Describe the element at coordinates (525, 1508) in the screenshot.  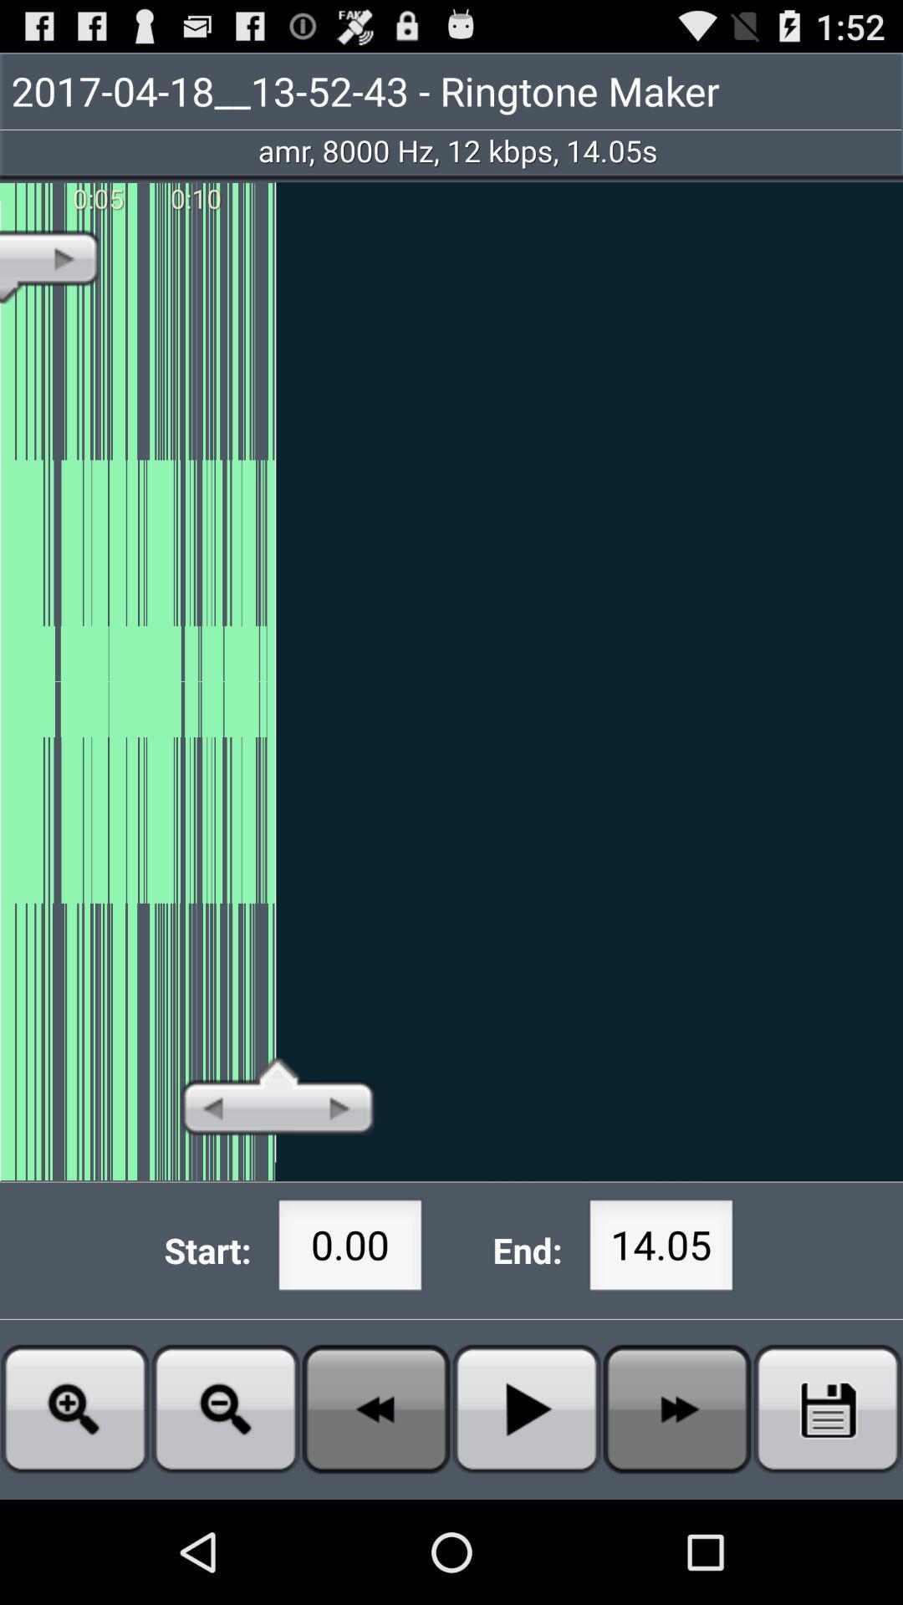
I see `the play icon` at that location.